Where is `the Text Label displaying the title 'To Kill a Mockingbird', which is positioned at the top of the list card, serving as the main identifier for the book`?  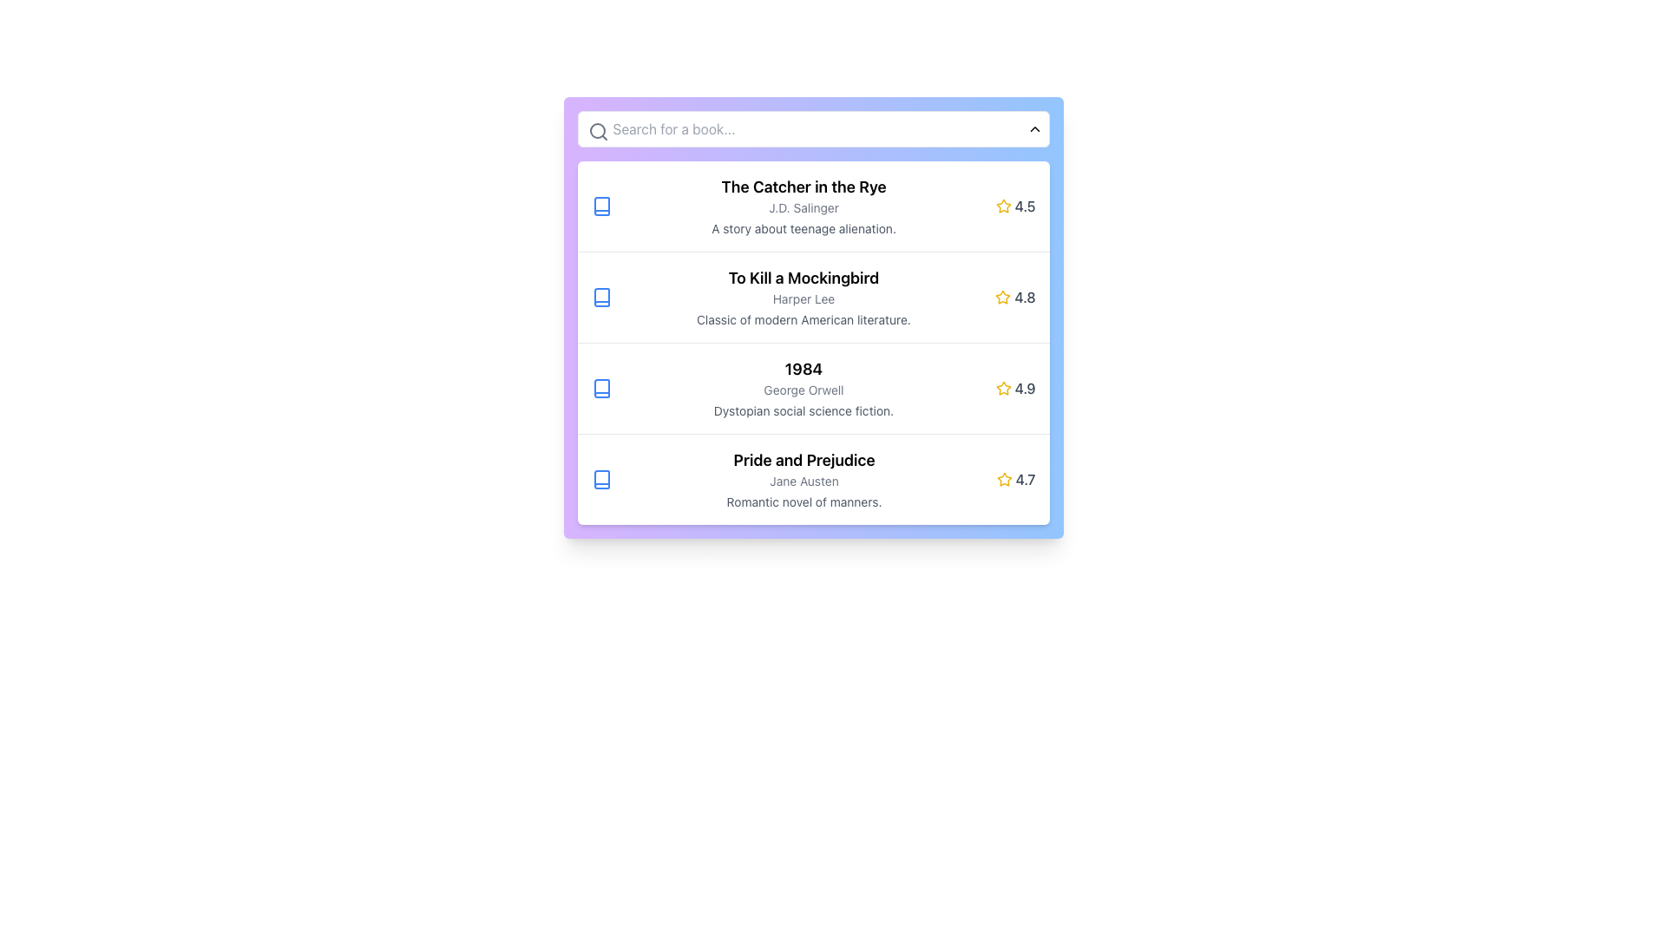
the Text Label displaying the title 'To Kill a Mockingbird', which is positioned at the top of the list card, serving as the main identifier for the book is located at coordinates (803, 277).